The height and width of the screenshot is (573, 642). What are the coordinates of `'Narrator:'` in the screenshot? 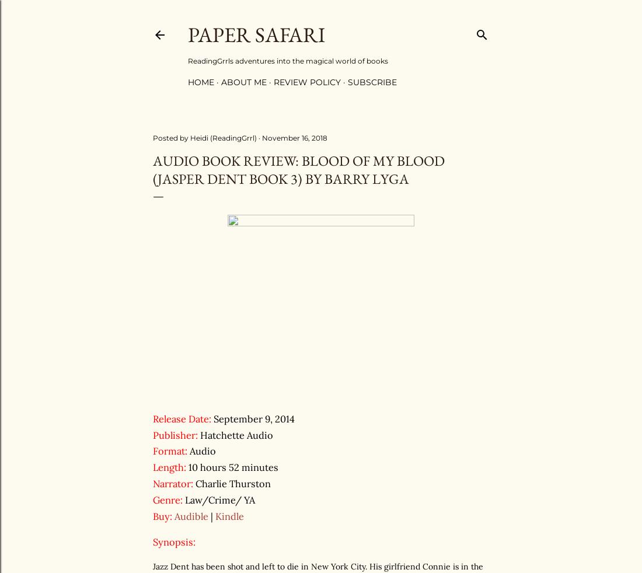 It's located at (172, 484).